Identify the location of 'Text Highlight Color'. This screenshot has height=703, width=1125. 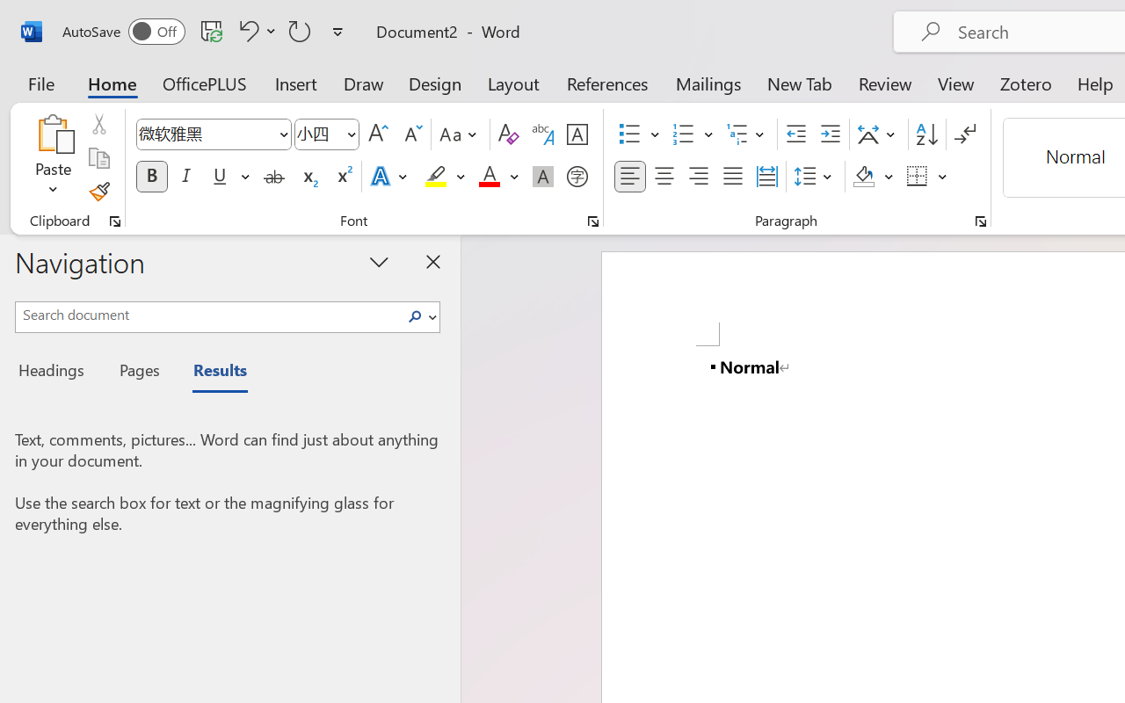
(445, 177).